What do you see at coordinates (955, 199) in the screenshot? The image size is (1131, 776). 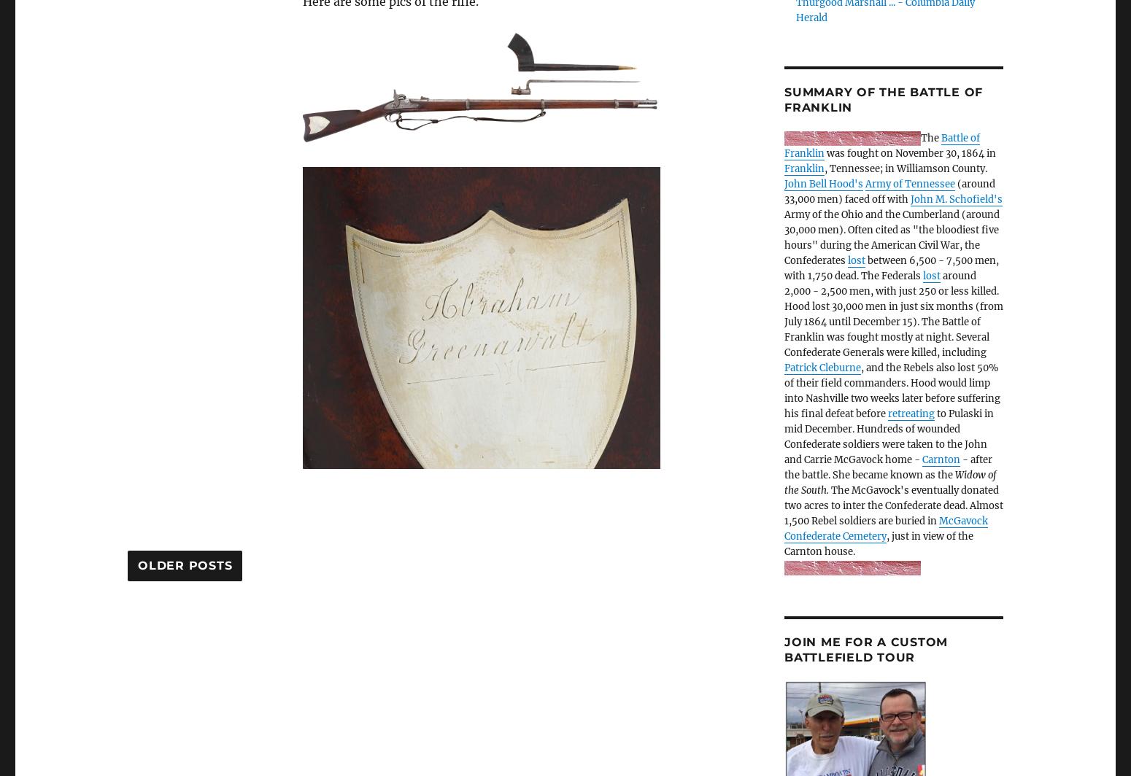 I see `'John M. Schofield's'` at bounding box center [955, 199].